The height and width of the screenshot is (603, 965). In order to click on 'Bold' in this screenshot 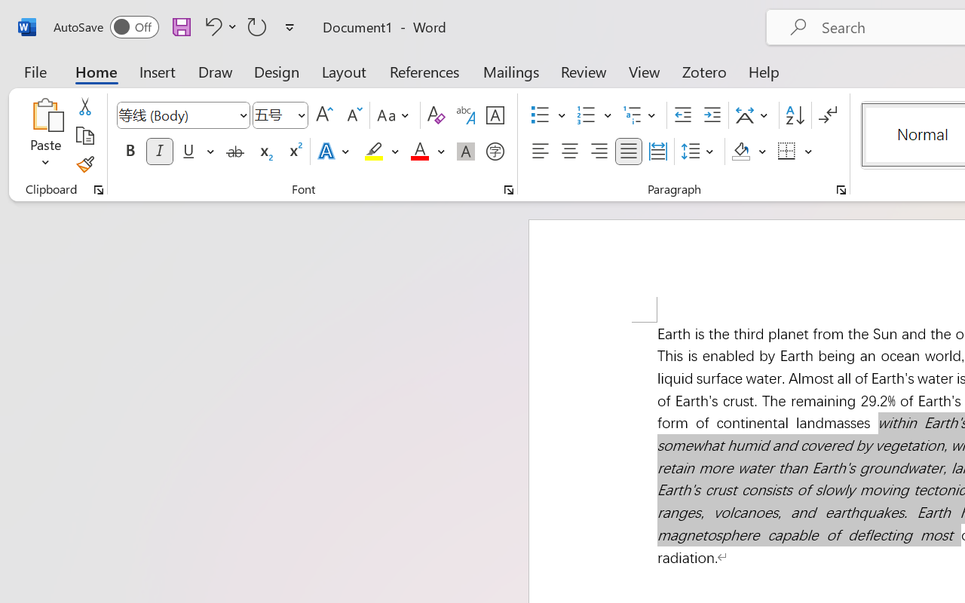, I will do `click(130, 152)`.